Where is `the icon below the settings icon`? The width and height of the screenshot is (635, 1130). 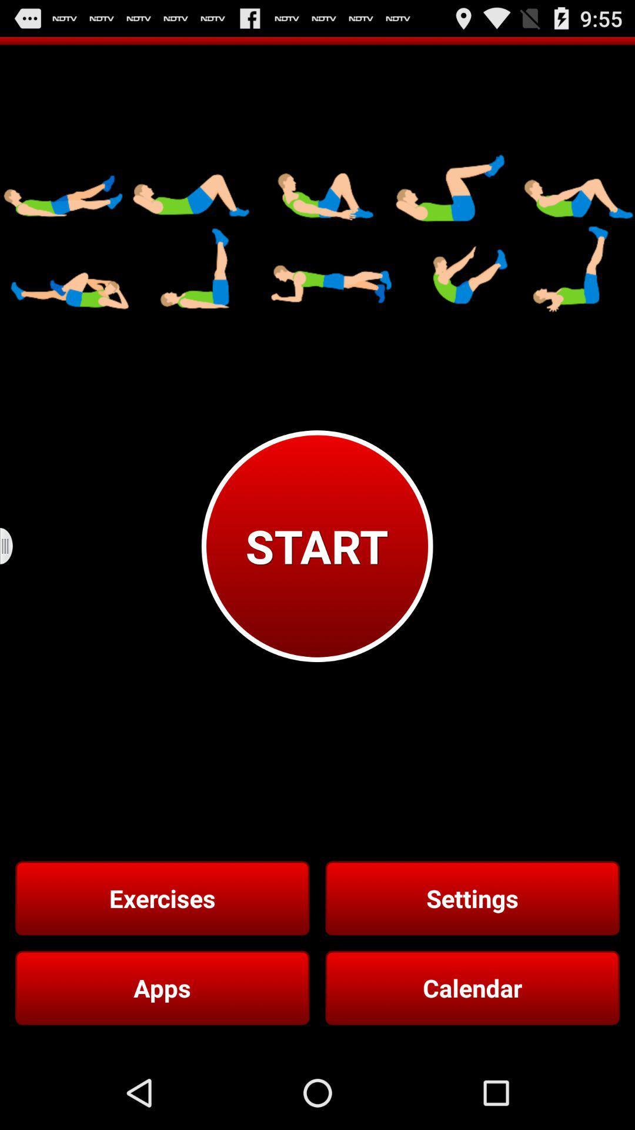
the icon below the settings icon is located at coordinates (472, 988).